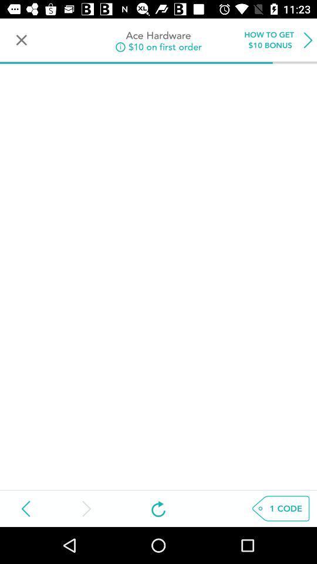 Image resolution: width=317 pixels, height=564 pixels. I want to click on the arrow_backward icon, so click(26, 508).